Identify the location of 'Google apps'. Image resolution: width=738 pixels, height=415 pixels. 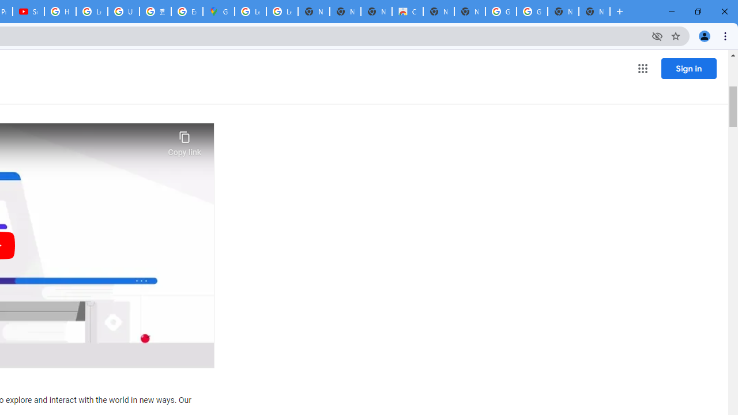
(642, 69).